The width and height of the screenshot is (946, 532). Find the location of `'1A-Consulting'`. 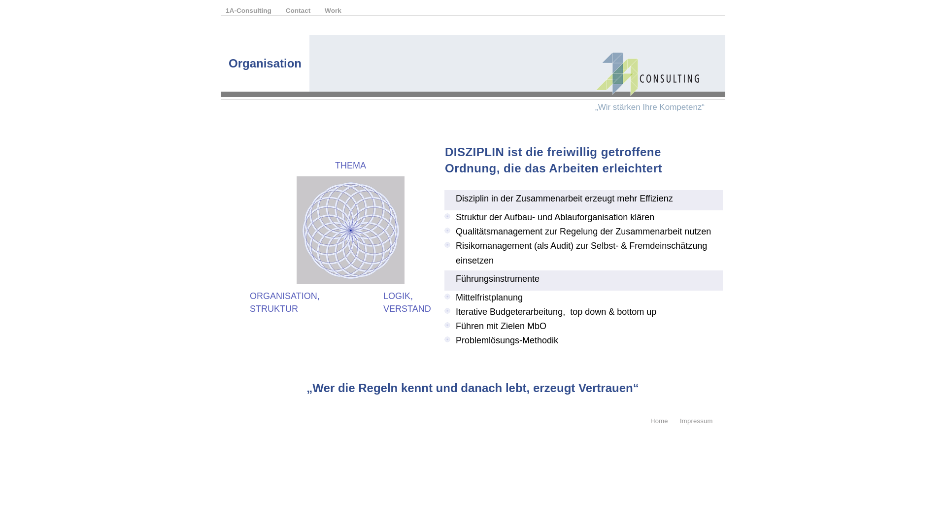

'1A-Consulting' is located at coordinates (249, 10).